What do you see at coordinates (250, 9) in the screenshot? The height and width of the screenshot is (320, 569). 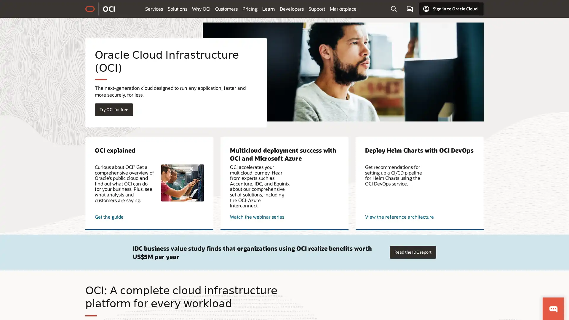 I see `Pricing` at bounding box center [250, 9].